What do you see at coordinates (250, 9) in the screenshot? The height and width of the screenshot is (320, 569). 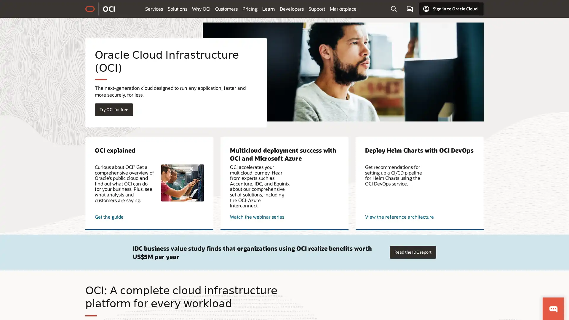 I see `Pricing` at bounding box center [250, 9].